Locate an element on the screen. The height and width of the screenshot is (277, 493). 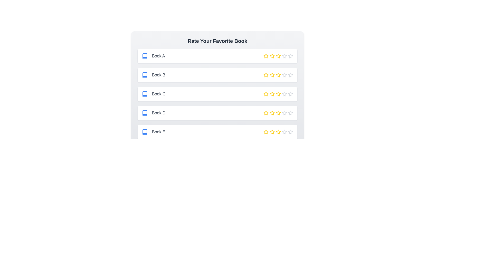
the star corresponding to 4 stars for the book titled Book A is located at coordinates (284, 56).